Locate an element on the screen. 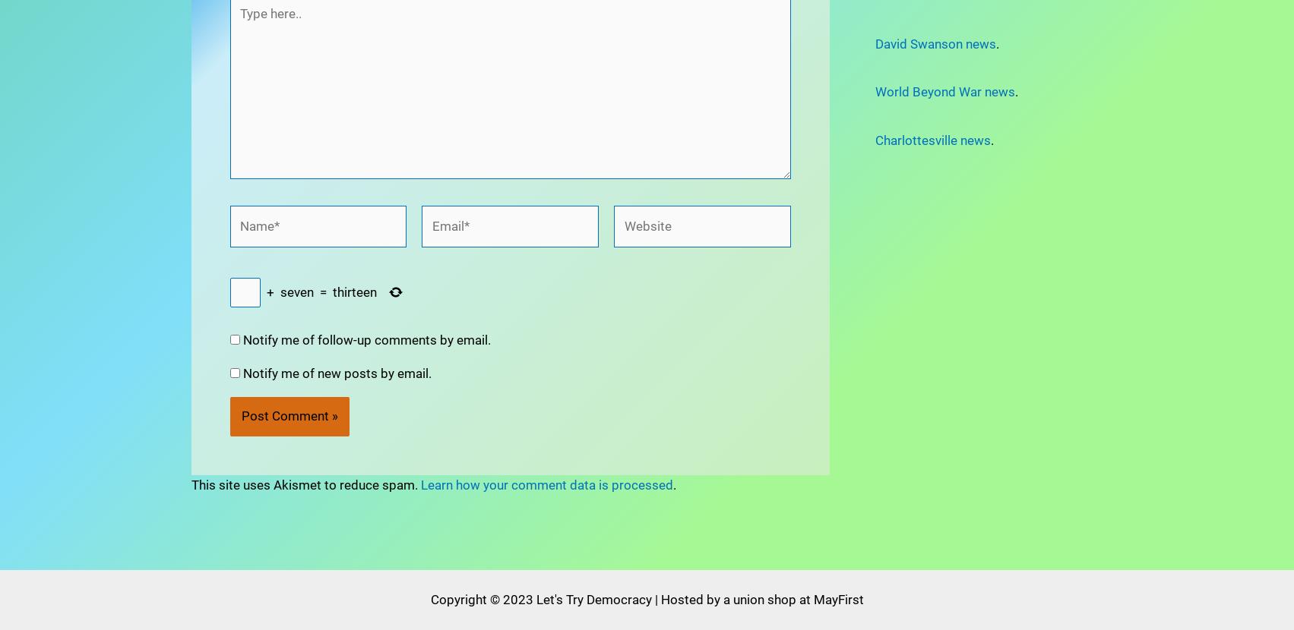 This screenshot has height=630, width=1294. 'thirteen' is located at coordinates (353, 249).